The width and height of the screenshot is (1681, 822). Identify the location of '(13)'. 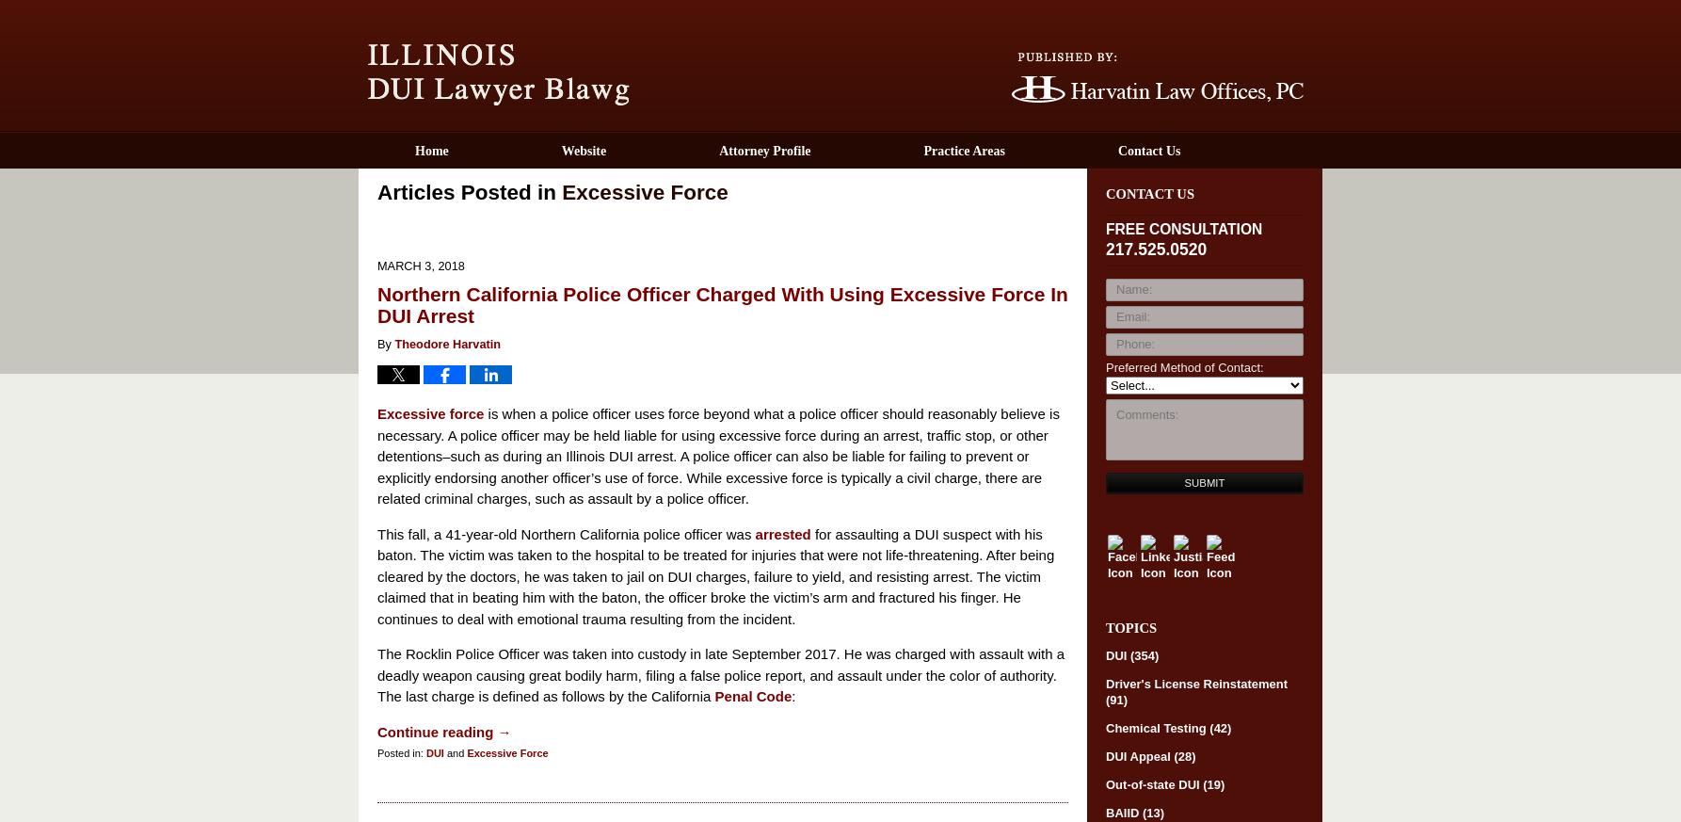
(1153, 812).